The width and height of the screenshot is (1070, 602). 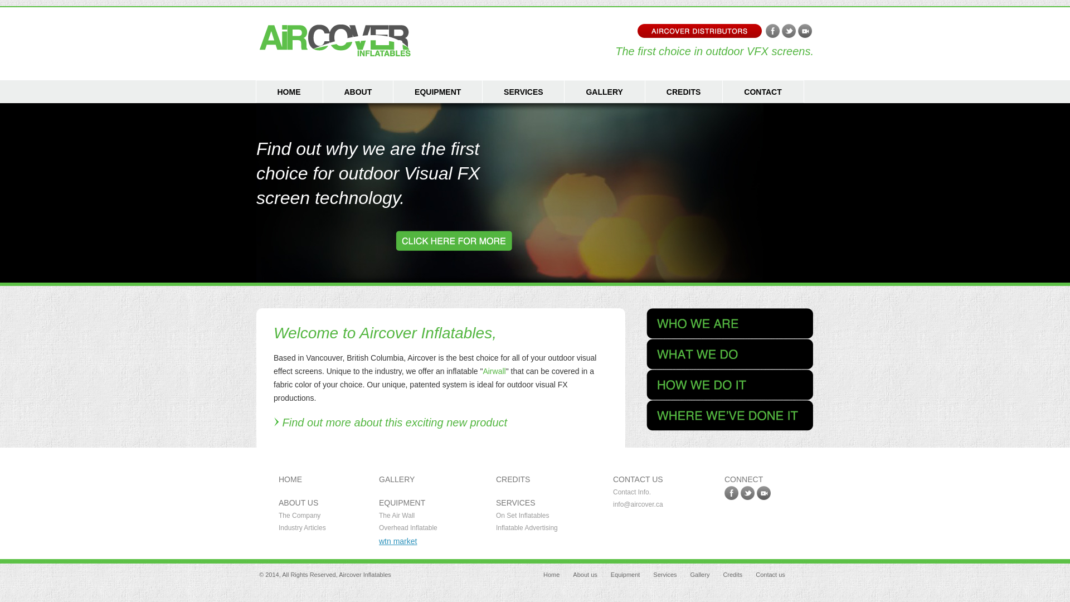 I want to click on 'GALLERY', so click(x=396, y=479).